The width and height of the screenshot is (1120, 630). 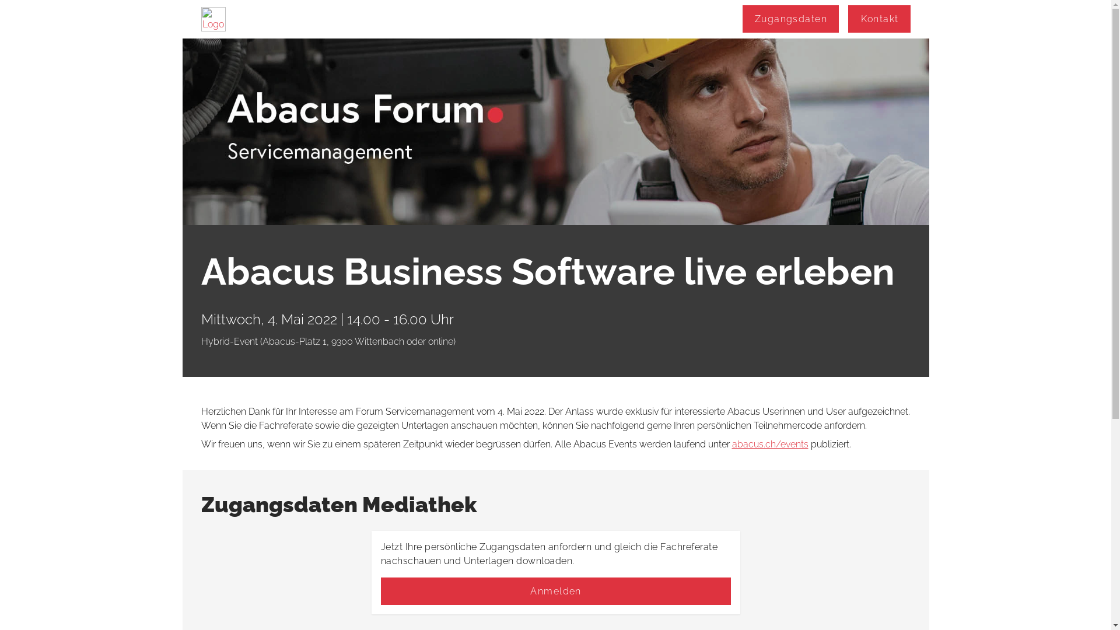 I want to click on 'Kontakt', so click(x=879, y=19).